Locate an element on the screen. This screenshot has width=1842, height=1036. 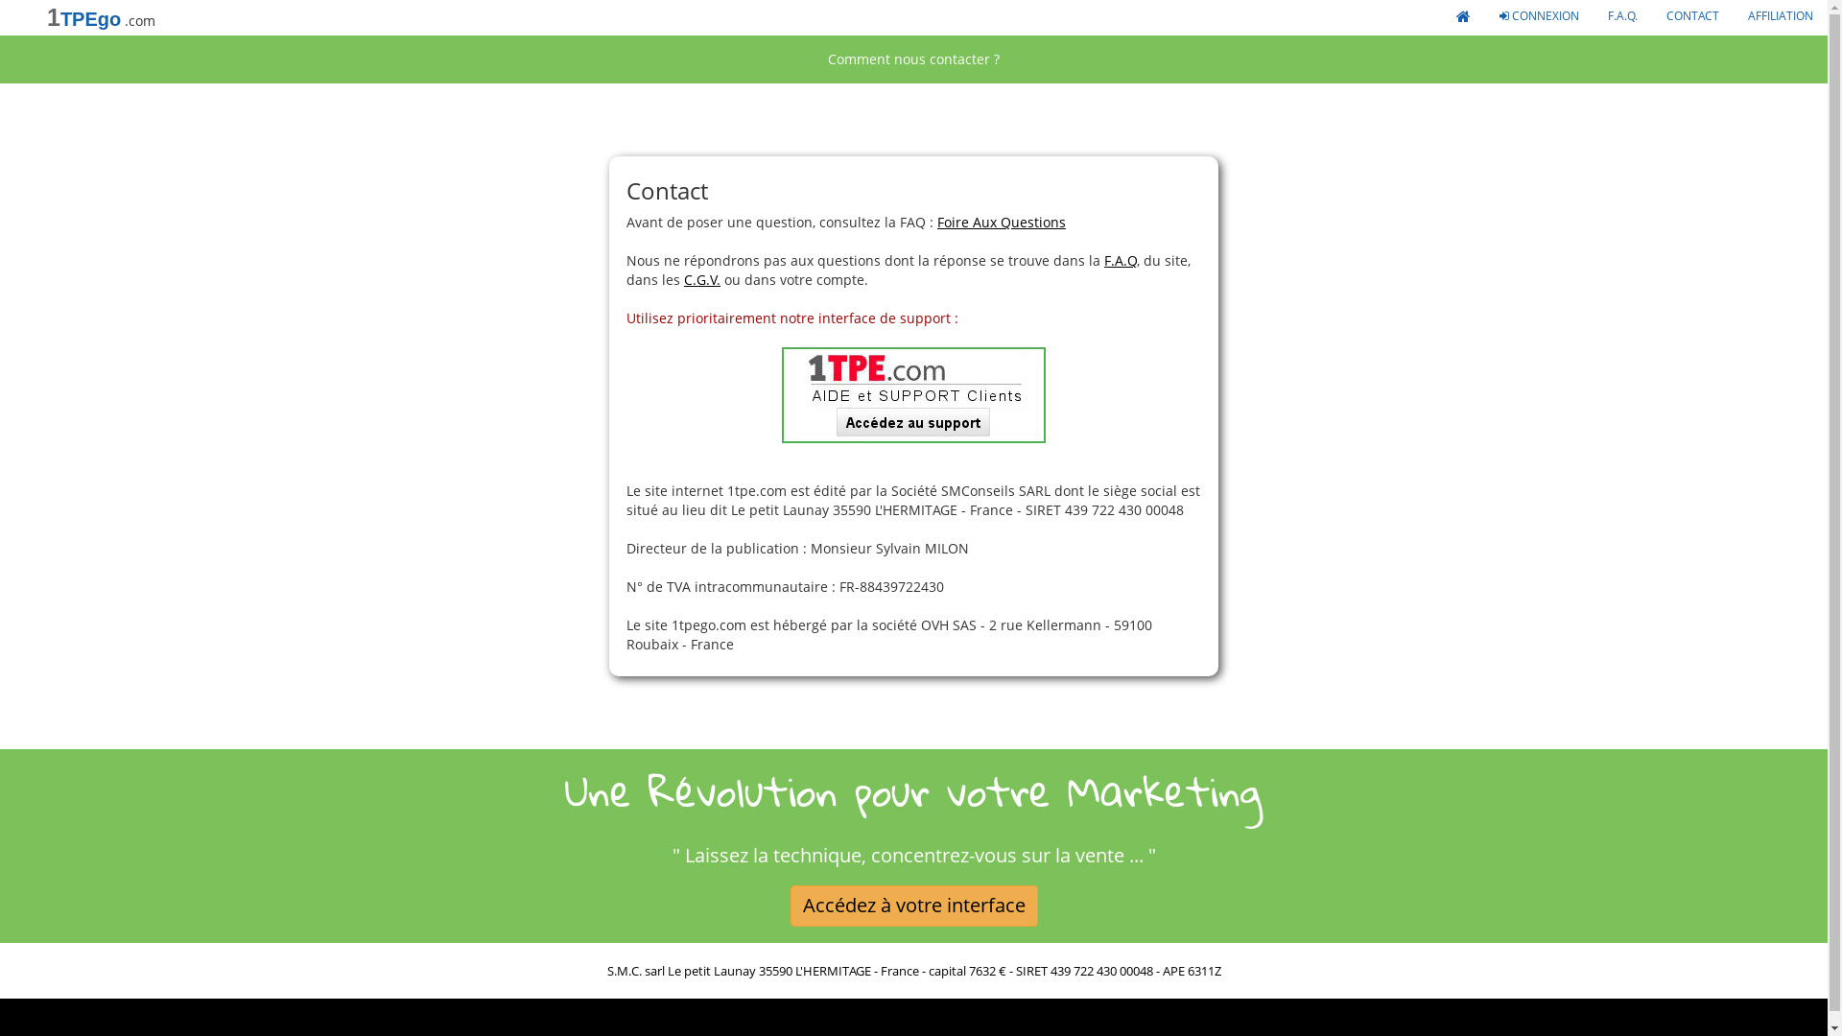
'CONNEXION' is located at coordinates (1484, 14).